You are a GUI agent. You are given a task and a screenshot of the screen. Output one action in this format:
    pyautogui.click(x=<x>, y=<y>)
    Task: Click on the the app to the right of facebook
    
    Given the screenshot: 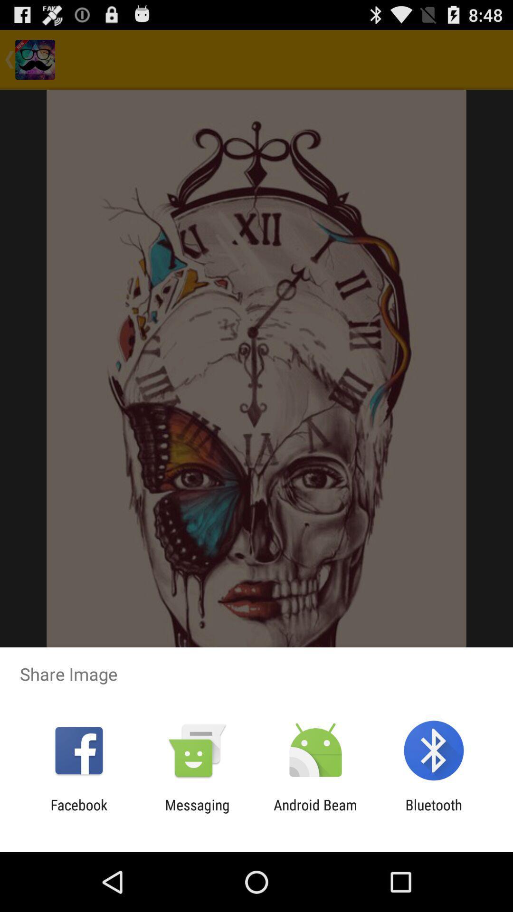 What is the action you would take?
    pyautogui.click(x=197, y=813)
    